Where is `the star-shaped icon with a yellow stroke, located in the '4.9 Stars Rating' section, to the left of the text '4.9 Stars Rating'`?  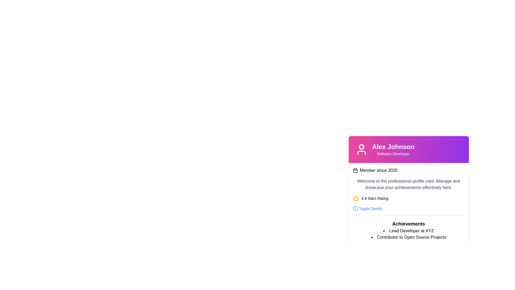
the star-shaped icon with a yellow stroke, located in the '4.9 Stars Rating' section, to the left of the text '4.9 Stars Rating' is located at coordinates (356, 198).